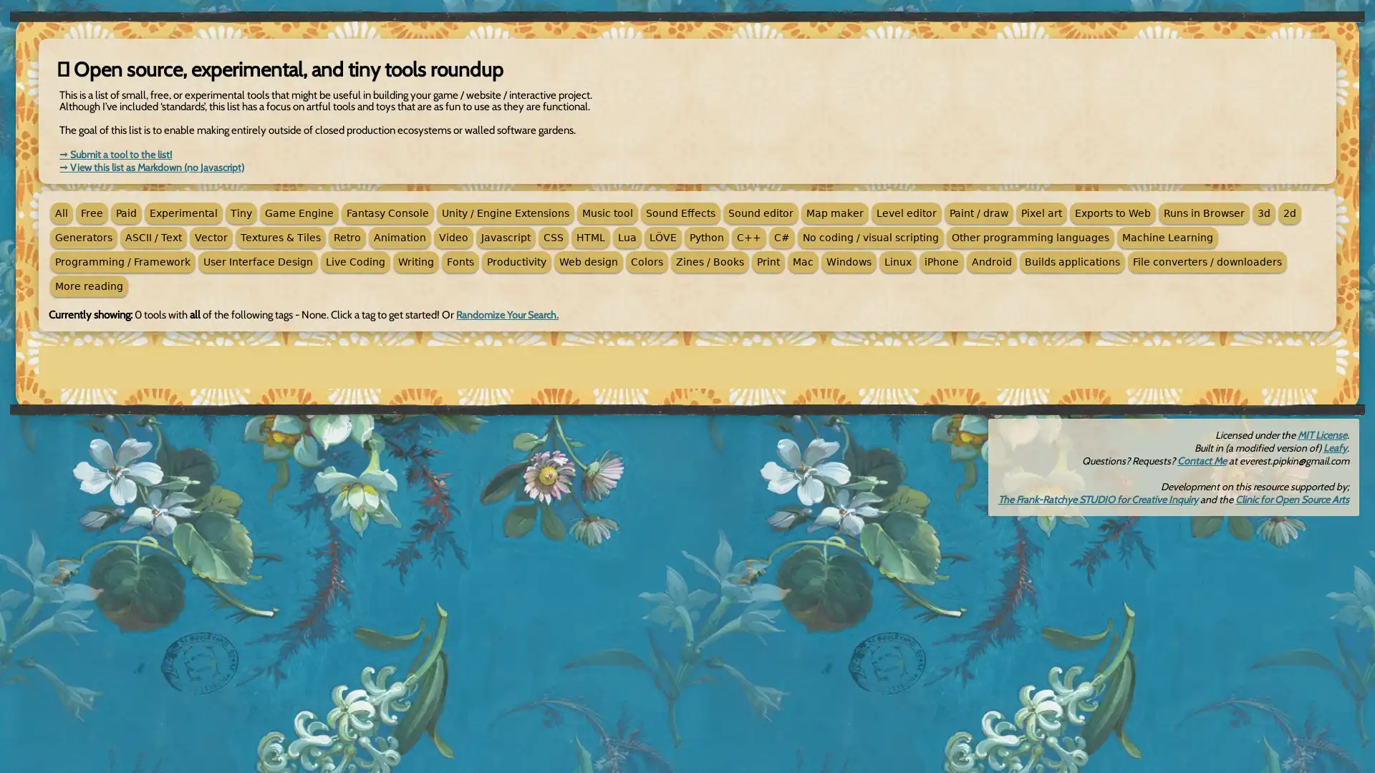 This screenshot has width=1375, height=773. What do you see at coordinates (82, 236) in the screenshot?
I see `Generators` at bounding box center [82, 236].